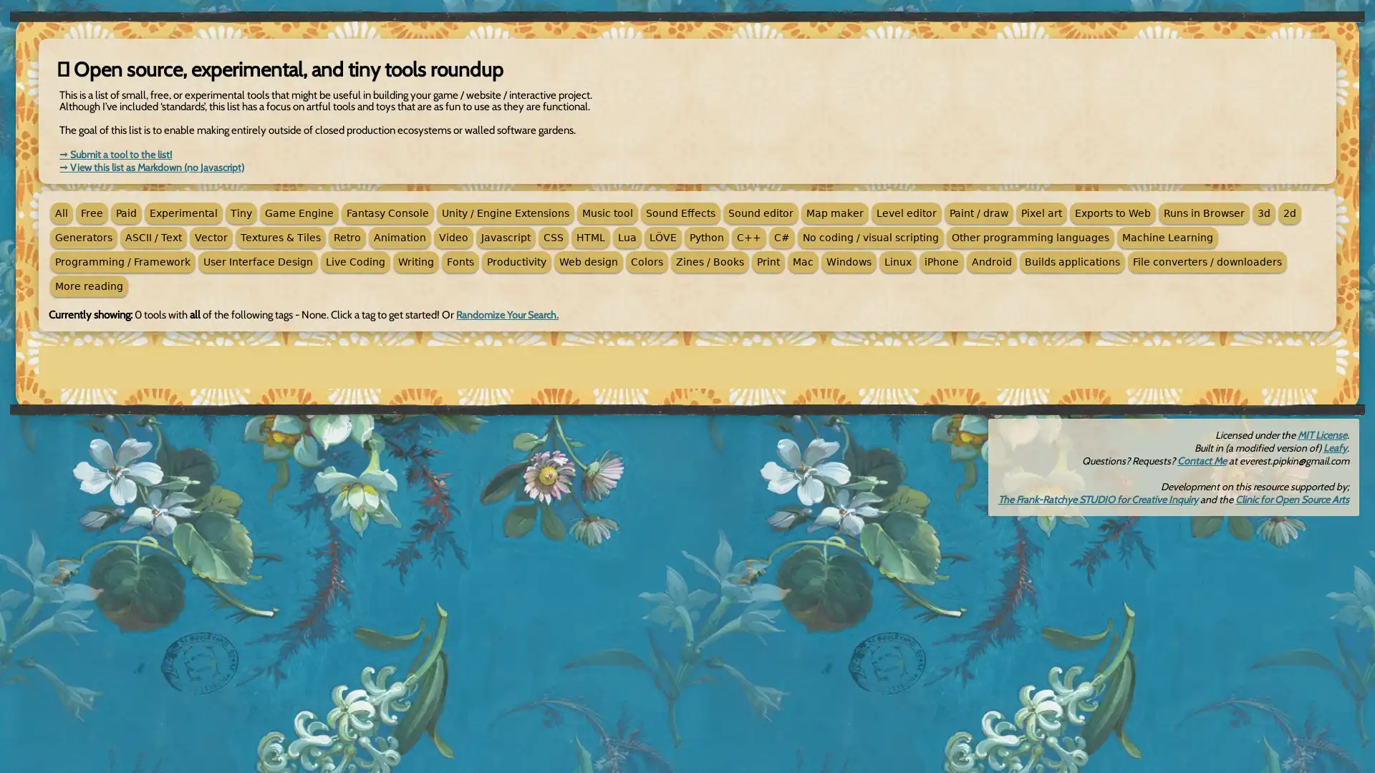 This screenshot has width=1375, height=773. What do you see at coordinates (82, 236) in the screenshot?
I see `Generators` at bounding box center [82, 236].